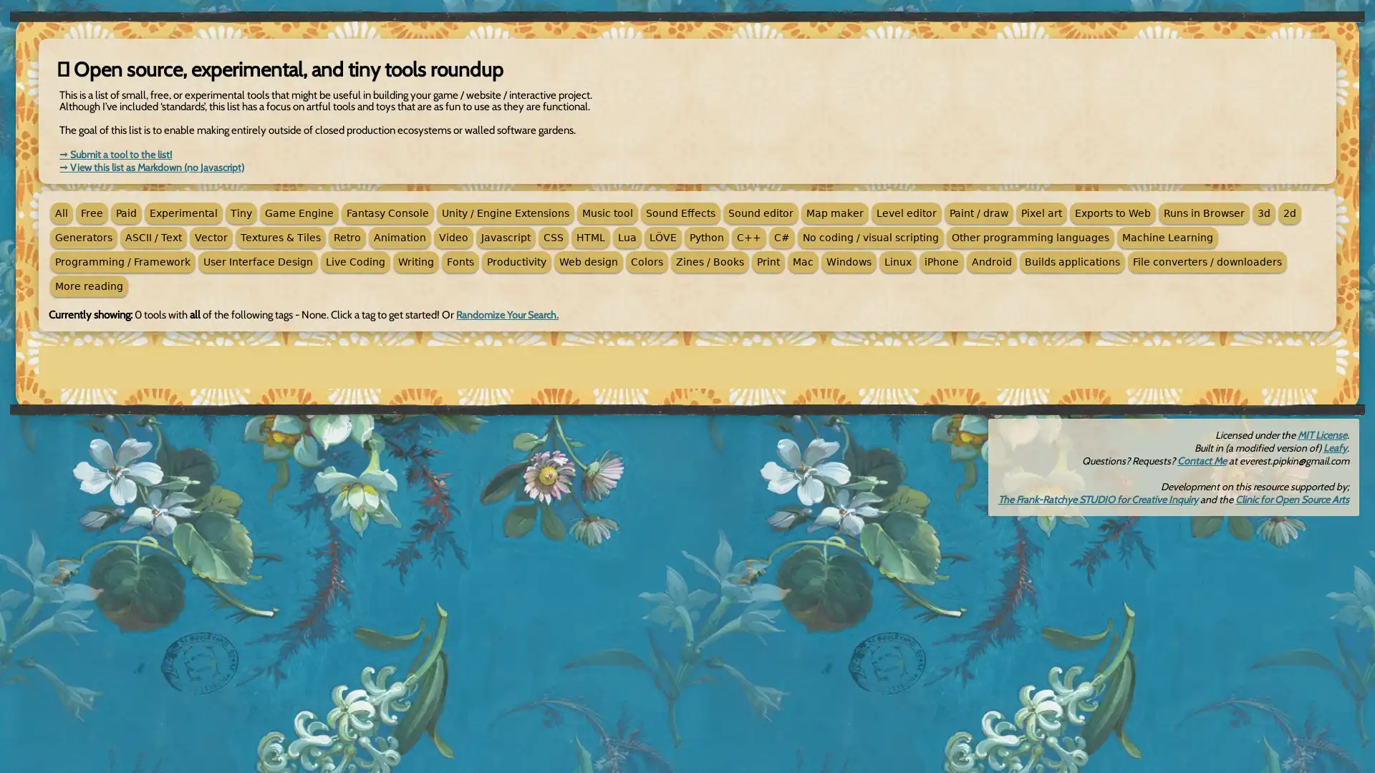 This screenshot has width=1375, height=773. What do you see at coordinates (82, 236) in the screenshot?
I see `Generators` at bounding box center [82, 236].